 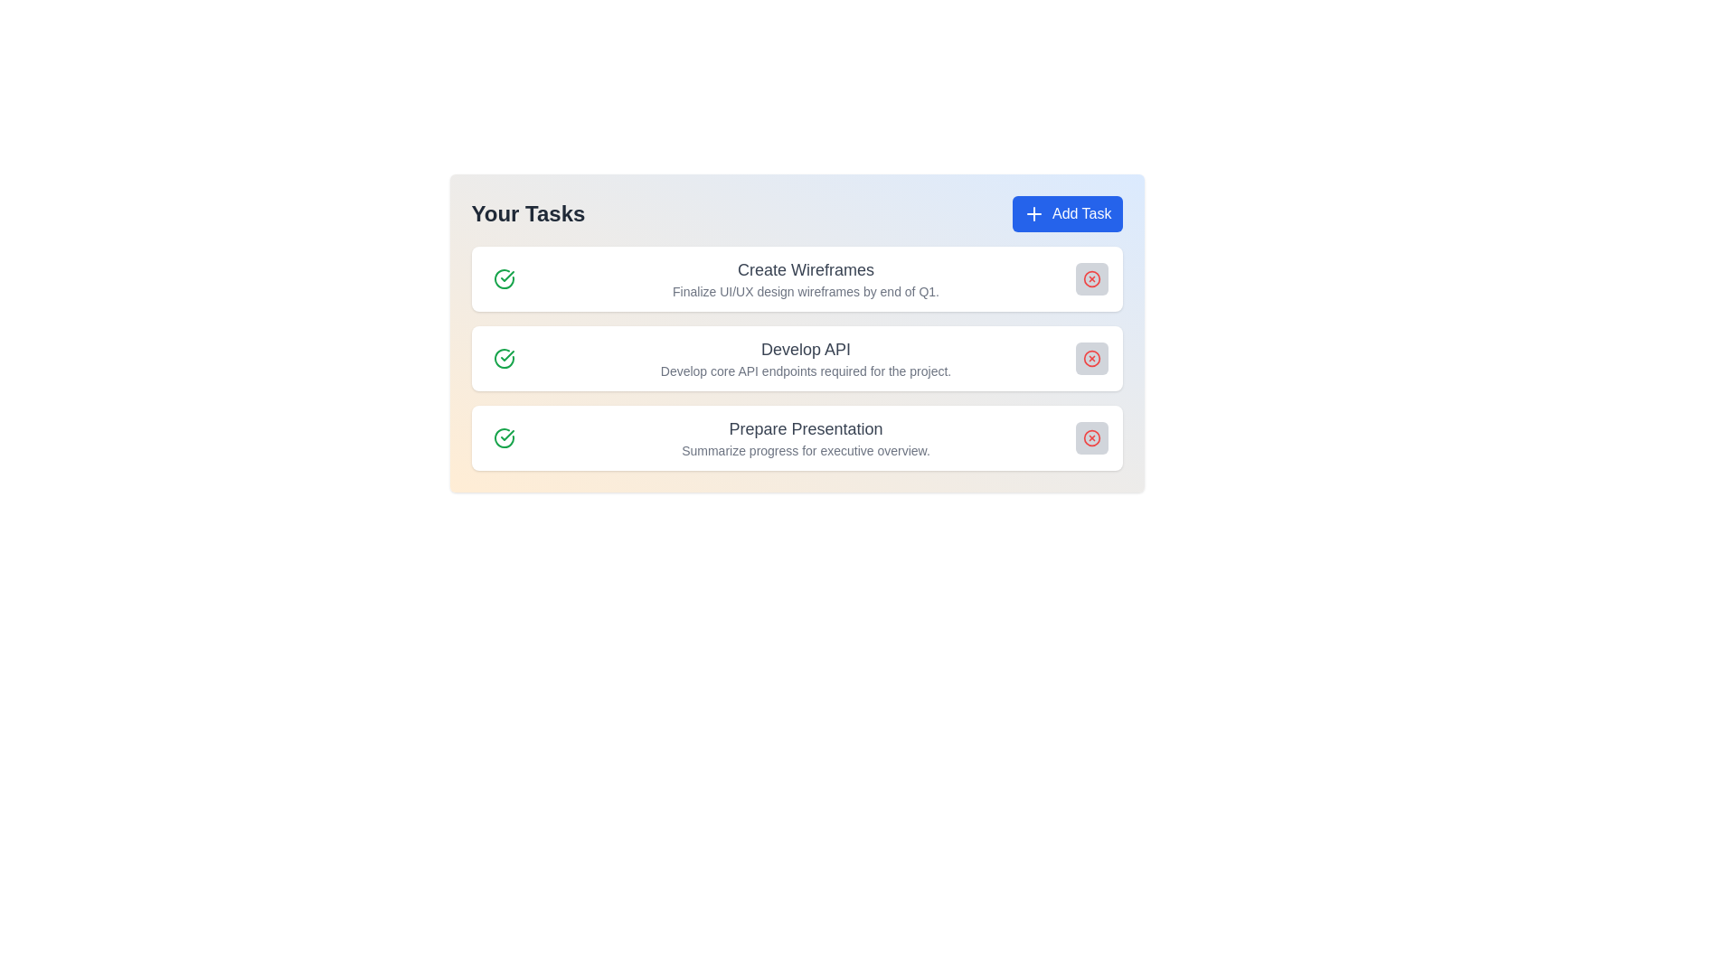 What do you see at coordinates (506, 276) in the screenshot?
I see `the checkmark icon indicating the completion status of the 'Develop API' task in the task list` at bounding box center [506, 276].